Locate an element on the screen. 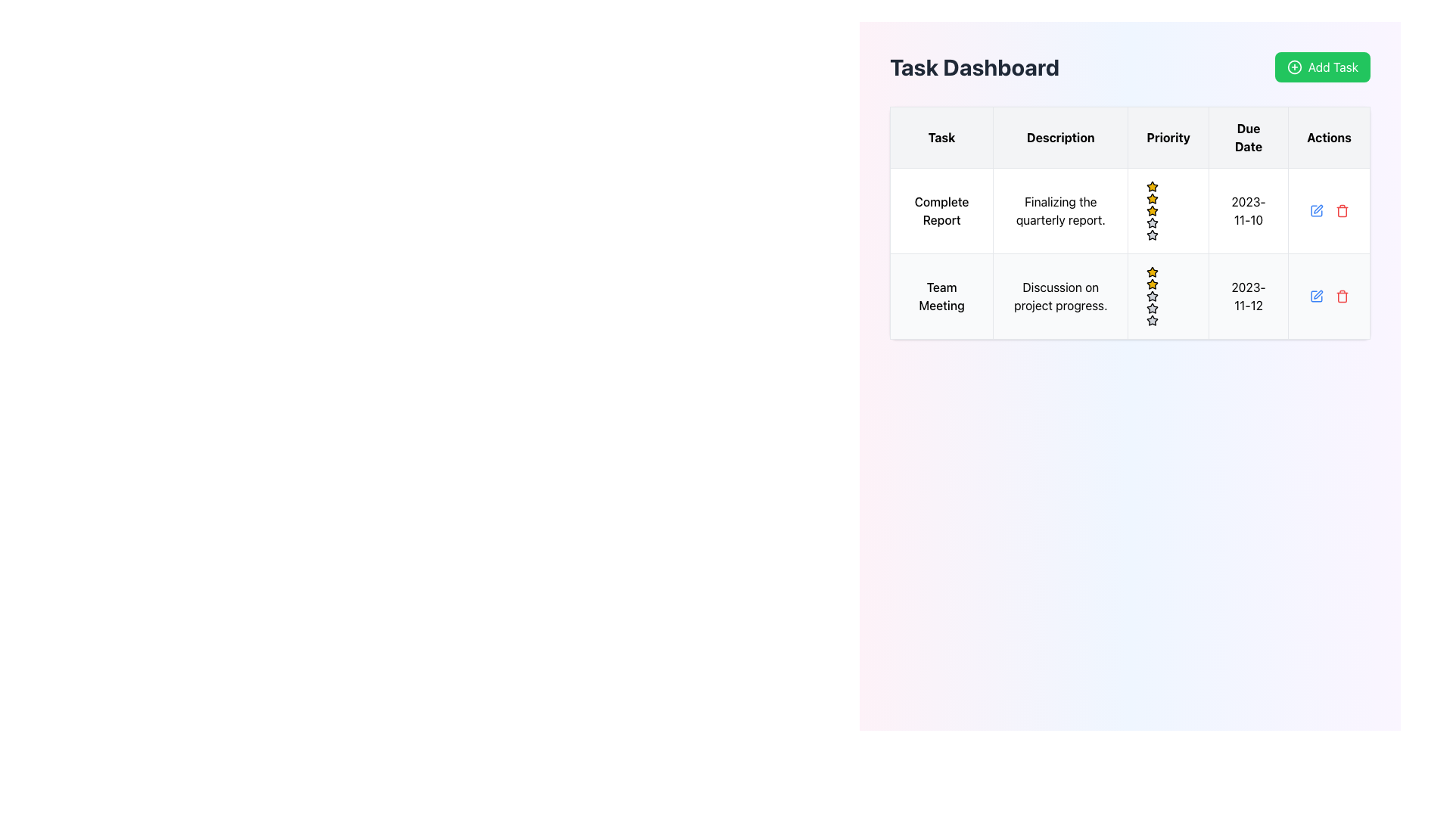  the table rows or icons in the Task Dashboard table that has a white background, rounded corners, and contains task information is located at coordinates (1130, 222).